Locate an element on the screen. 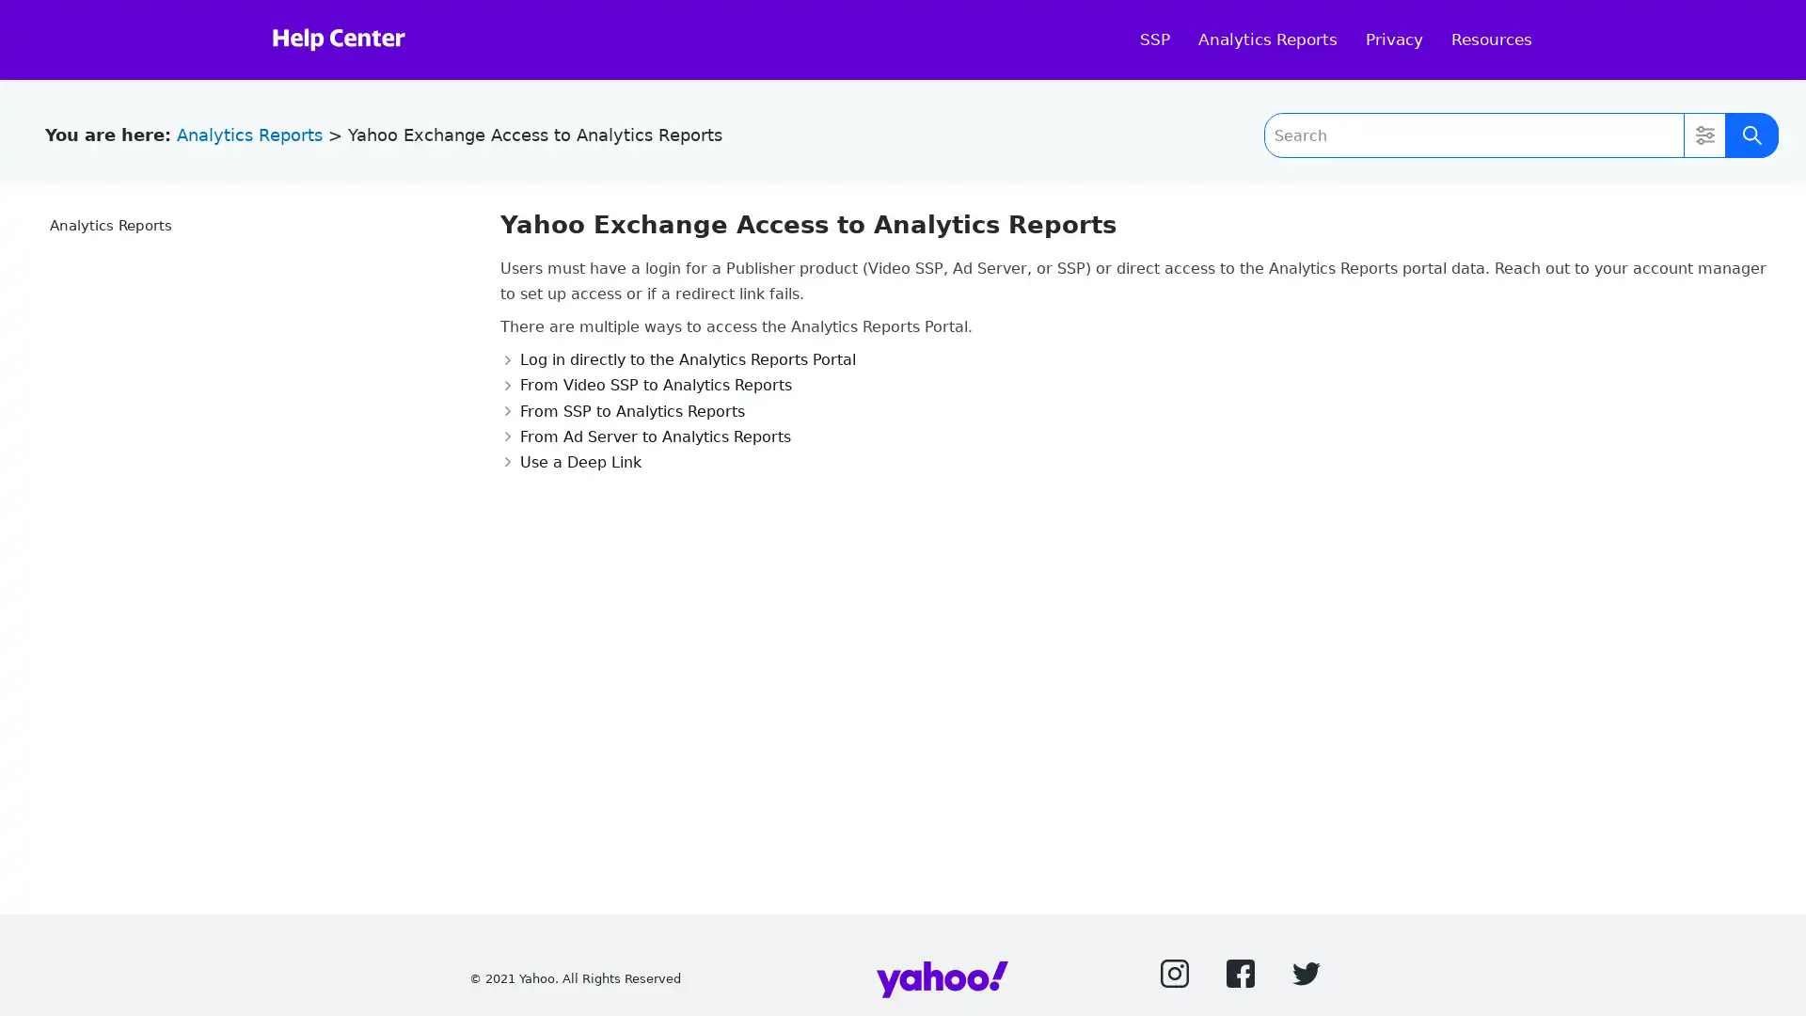 The image size is (1806, 1016). Closed From Ad Server to Analytics Reports is located at coordinates (644, 436).